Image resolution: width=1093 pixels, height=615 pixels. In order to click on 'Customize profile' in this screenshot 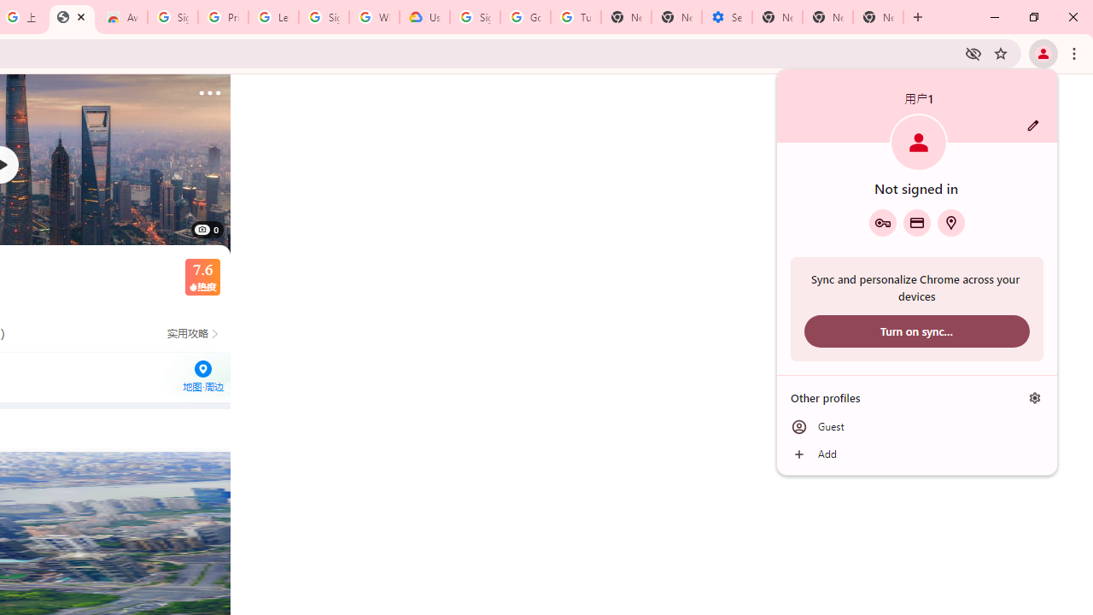, I will do `click(1032, 125)`.